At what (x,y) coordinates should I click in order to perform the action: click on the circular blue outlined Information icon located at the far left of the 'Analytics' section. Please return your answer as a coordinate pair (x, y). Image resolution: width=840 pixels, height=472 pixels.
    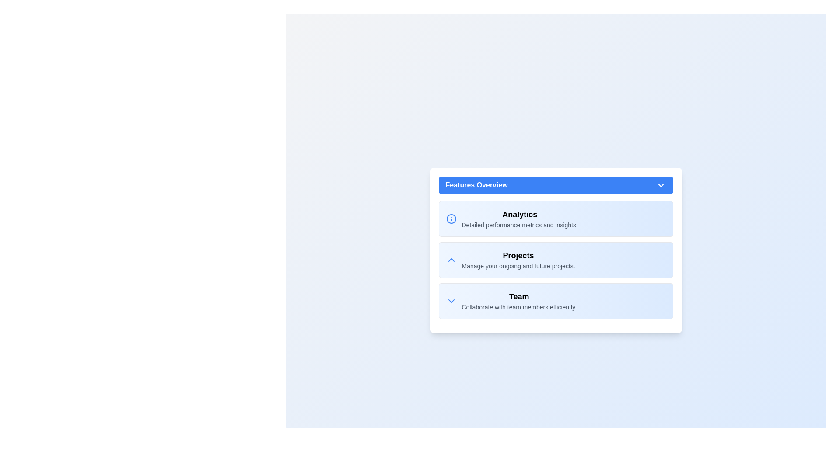
    Looking at the image, I should click on (451, 219).